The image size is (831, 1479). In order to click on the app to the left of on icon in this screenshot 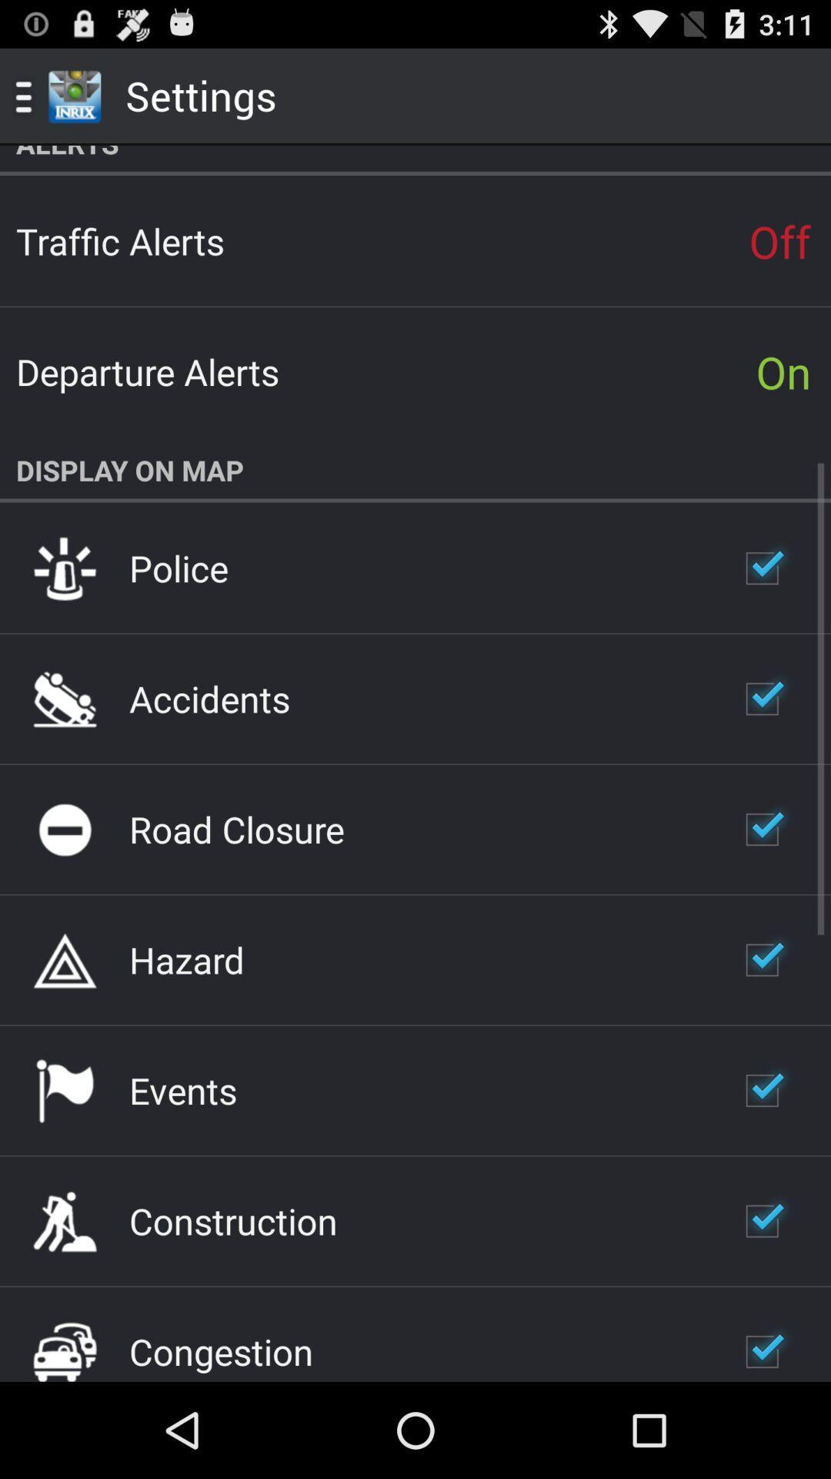, I will do `click(148, 371)`.